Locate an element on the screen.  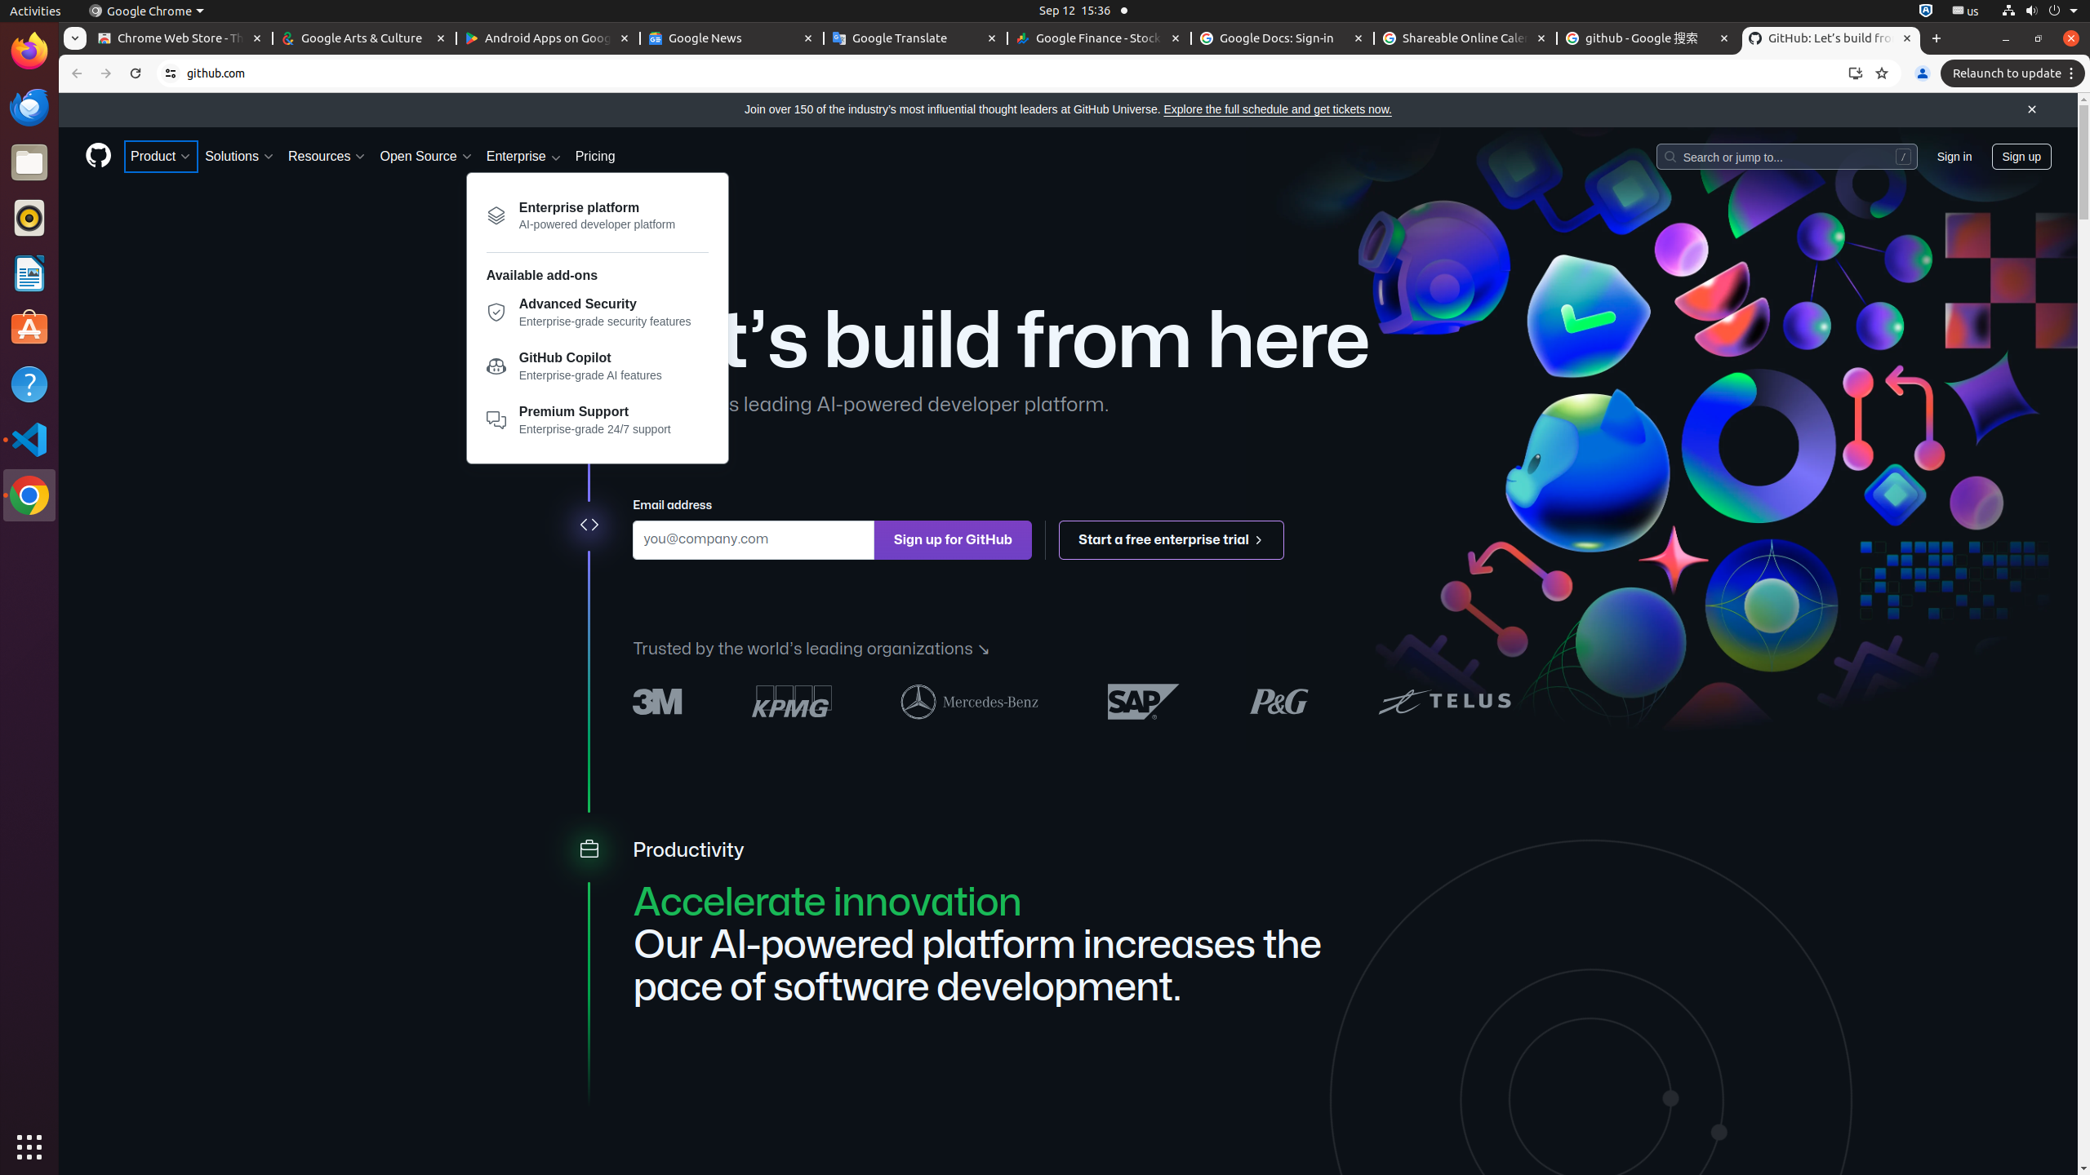
'Google Arts & Culture - Memory usage - 60.0 MB' is located at coordinates (363, 38).